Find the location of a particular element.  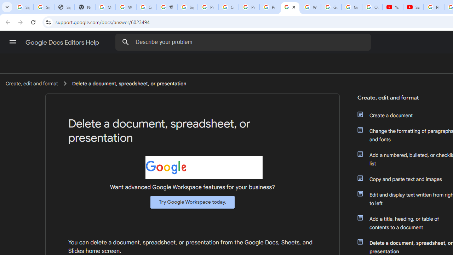

'Google Account' is located at coordinates (351, 7).